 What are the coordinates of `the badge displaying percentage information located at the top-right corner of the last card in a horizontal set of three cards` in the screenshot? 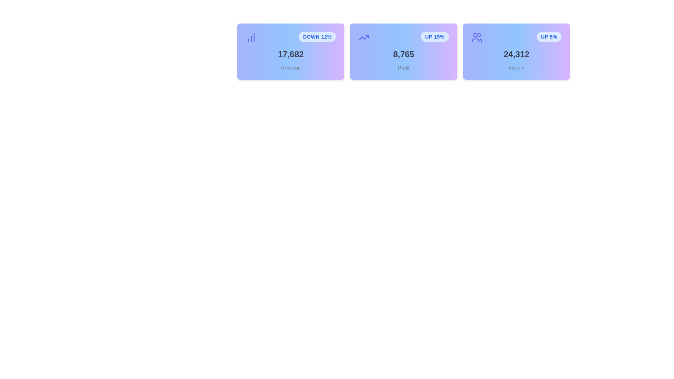 It's located at (549, 36).